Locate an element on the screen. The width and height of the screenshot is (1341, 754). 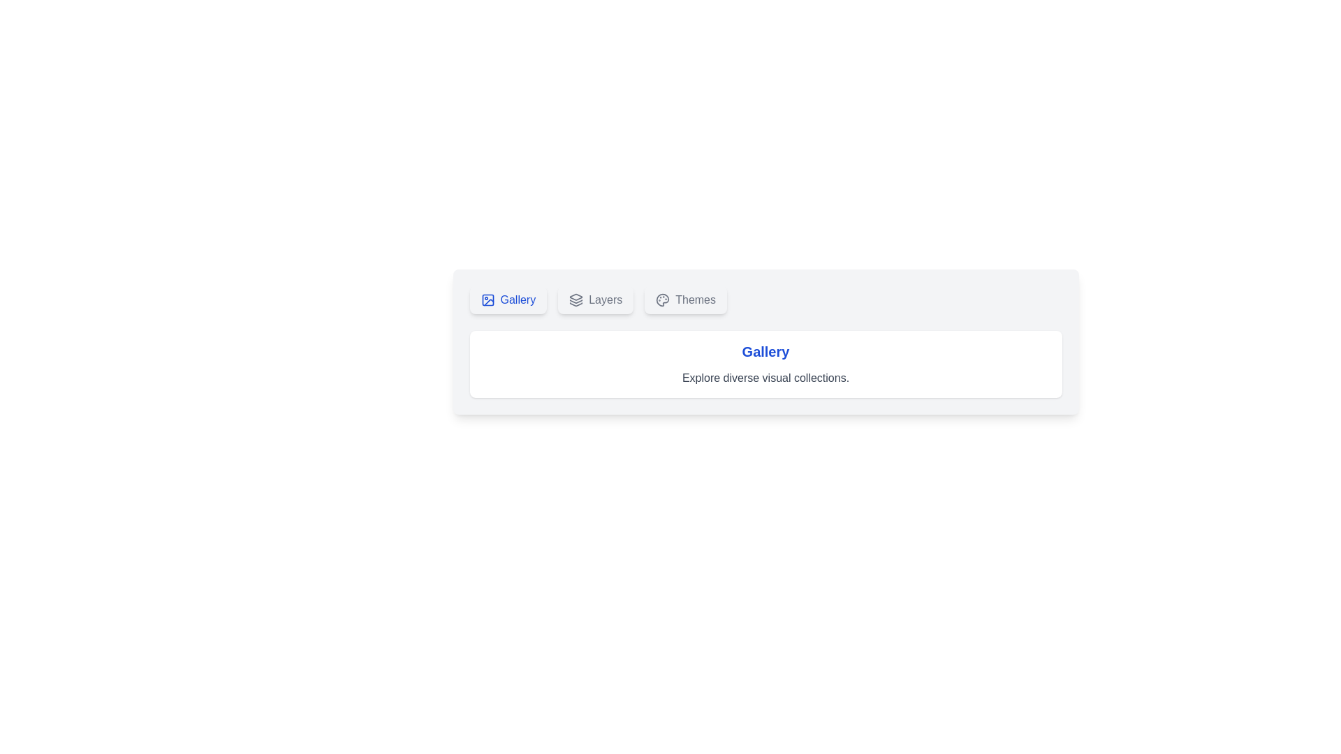
the Gallery tab to view its content is located at coordinates (507, 299).